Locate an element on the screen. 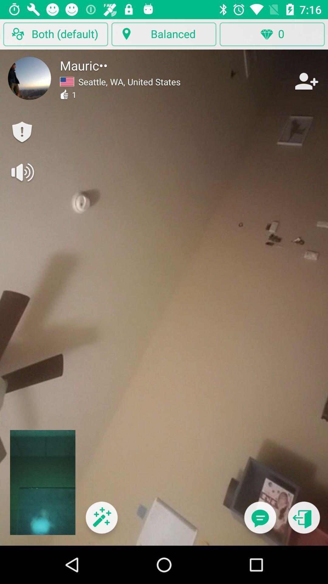 This screenshot has width=328, height=584. the bottom right symbol is located at coordinates (304, 521).